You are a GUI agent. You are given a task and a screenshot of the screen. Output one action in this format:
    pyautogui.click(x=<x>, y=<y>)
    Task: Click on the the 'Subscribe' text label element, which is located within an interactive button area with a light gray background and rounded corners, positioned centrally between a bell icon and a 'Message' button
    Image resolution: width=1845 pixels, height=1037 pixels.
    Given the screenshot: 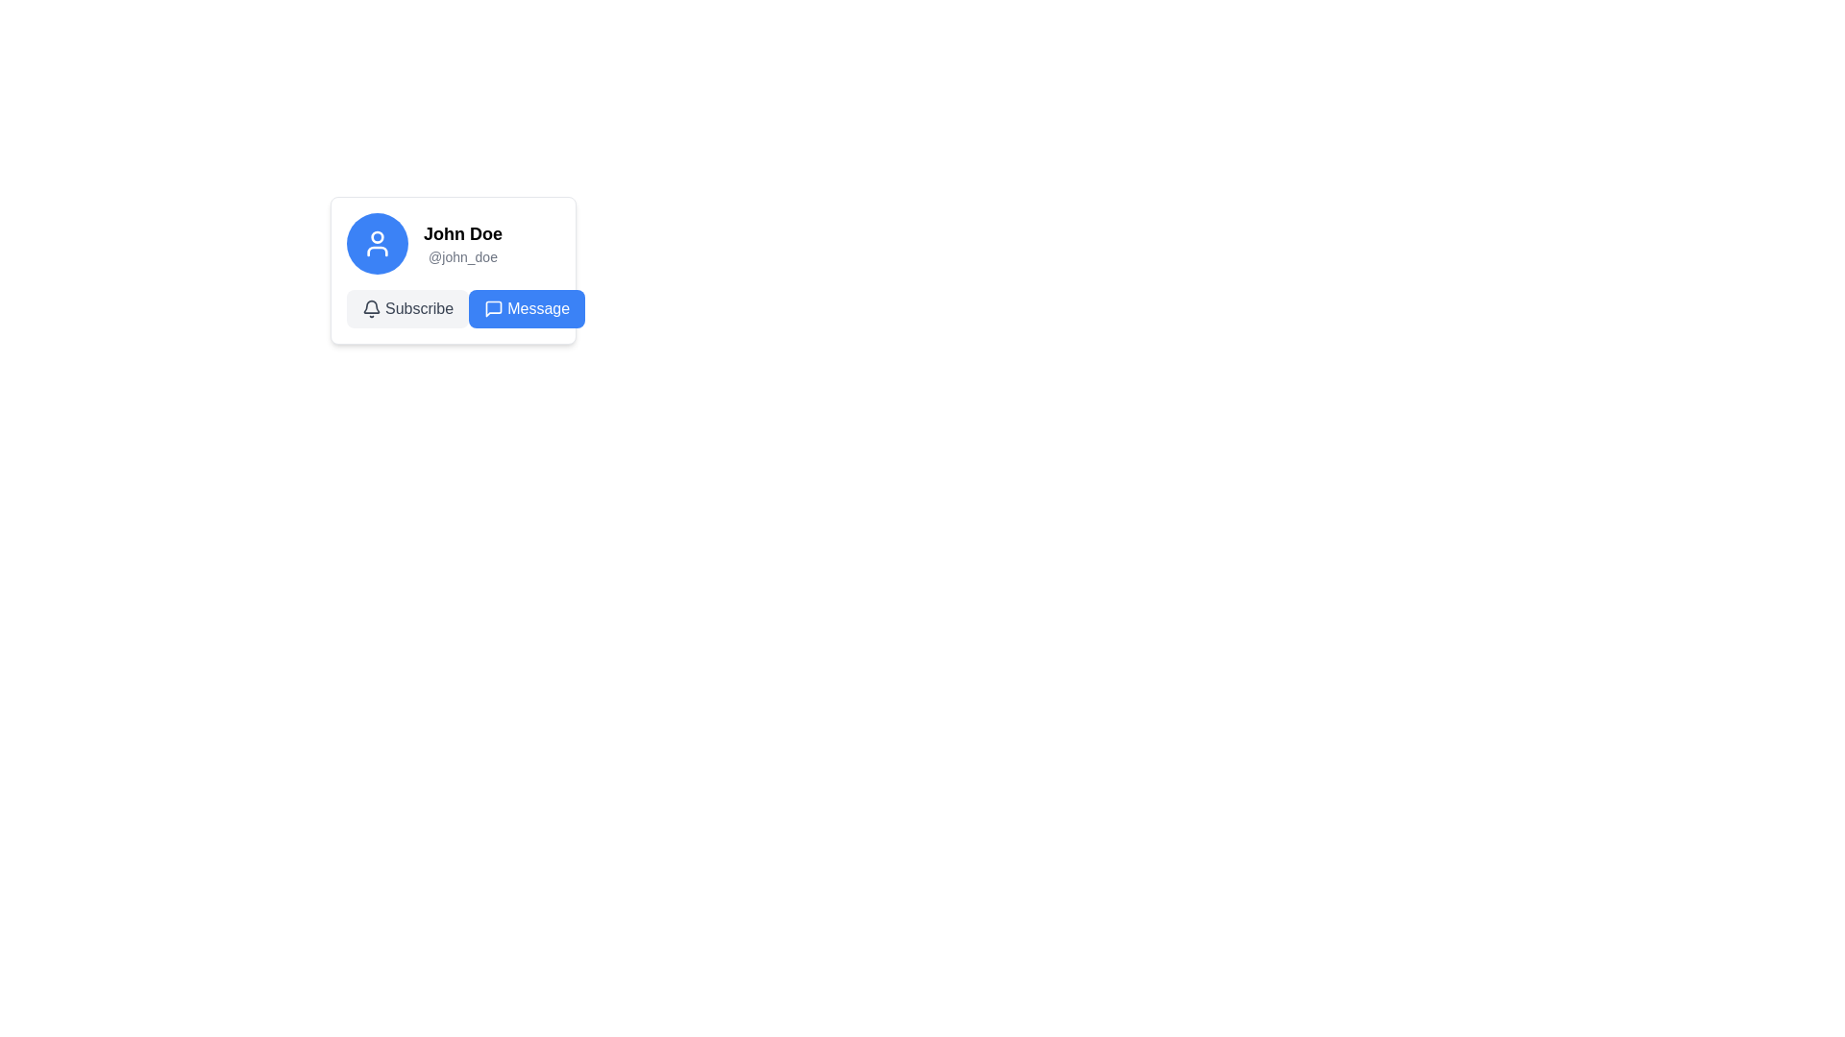 What is the action you would take?
    pyautogui.click(x=418, y=307)
    